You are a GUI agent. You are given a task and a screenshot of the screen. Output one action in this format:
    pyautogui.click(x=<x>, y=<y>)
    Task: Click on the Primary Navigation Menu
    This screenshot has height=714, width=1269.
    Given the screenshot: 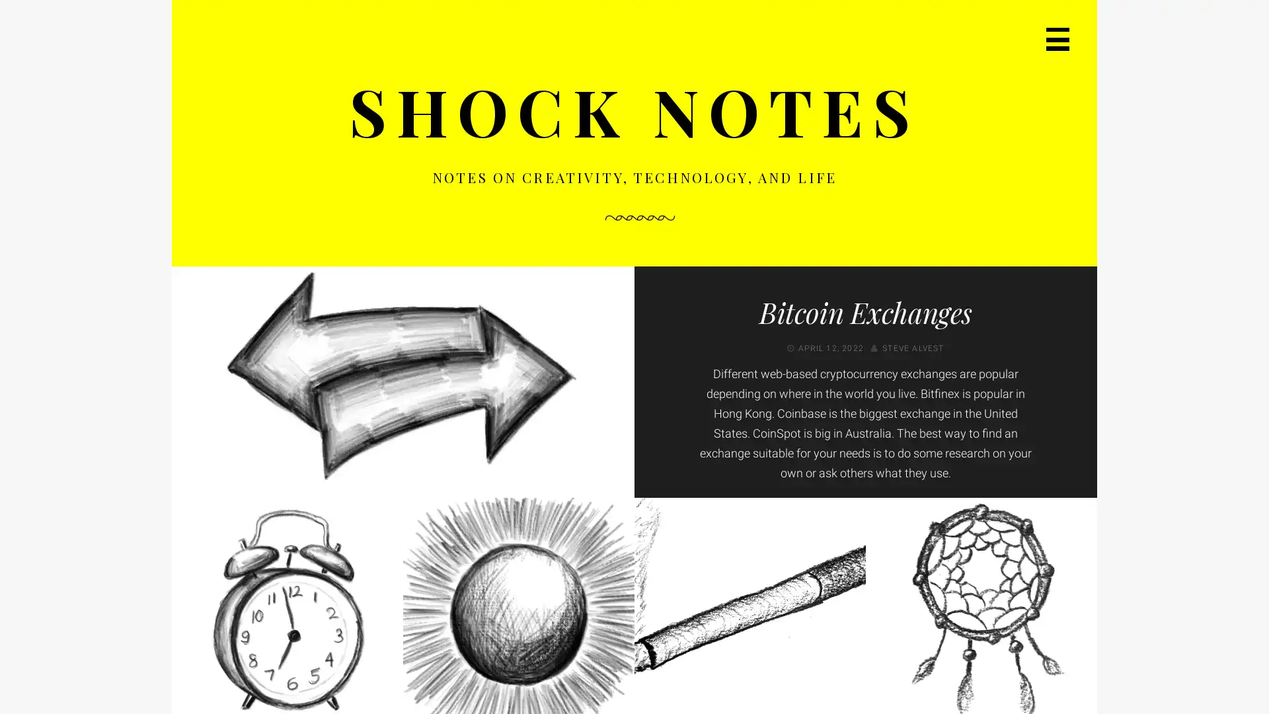 What is the action you would take?
    pyautogui.click(x=1057, y=38)
    